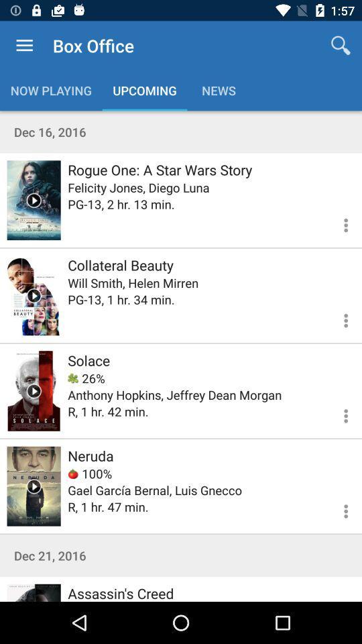  Describe the element at coordinates (34, 295) in the screenshot. I see `more information on the movie` at that location.